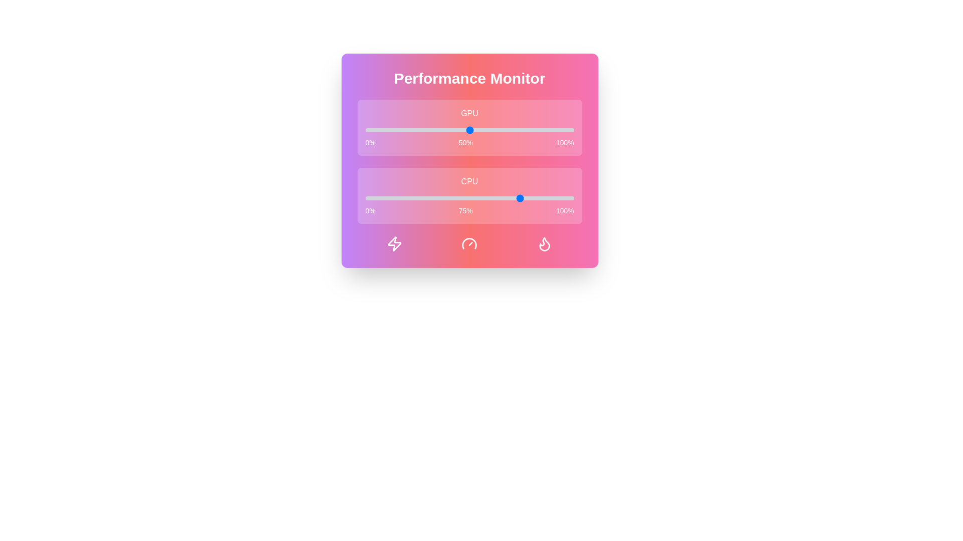  I want to click on the icon representing electrical power, so click(394, 243).